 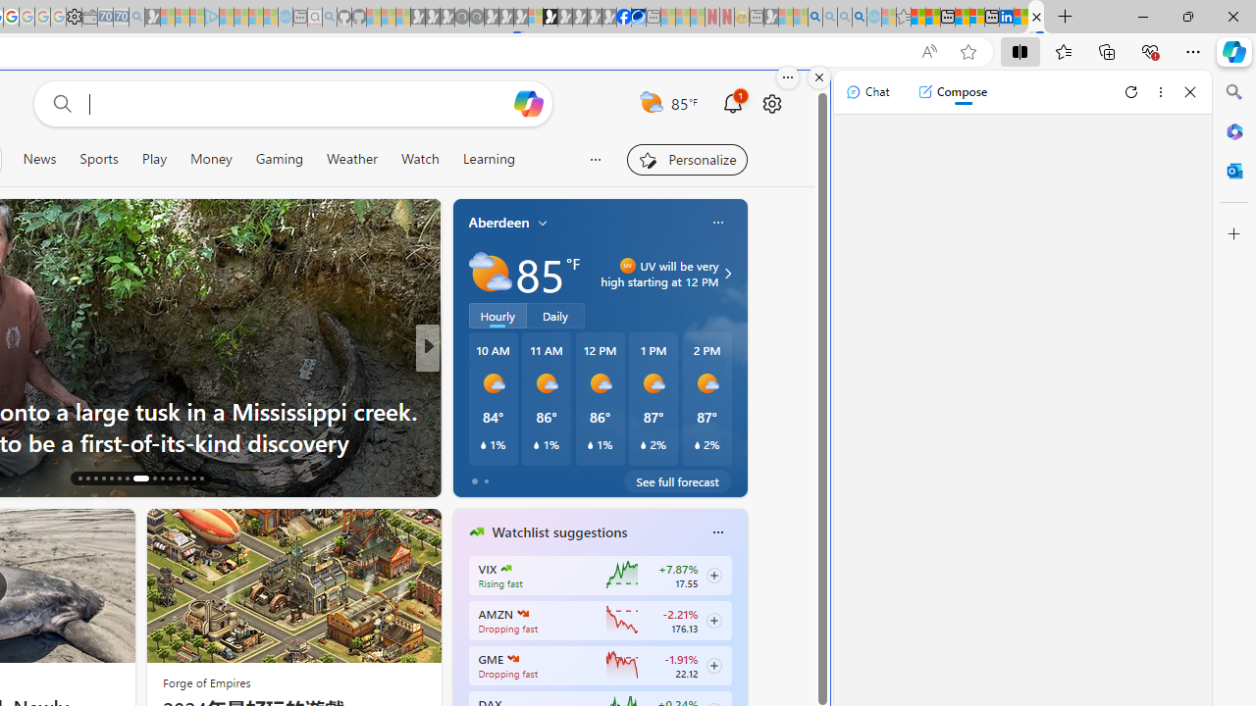 I want to click on 'Gaming', so click(x=279, y=158).